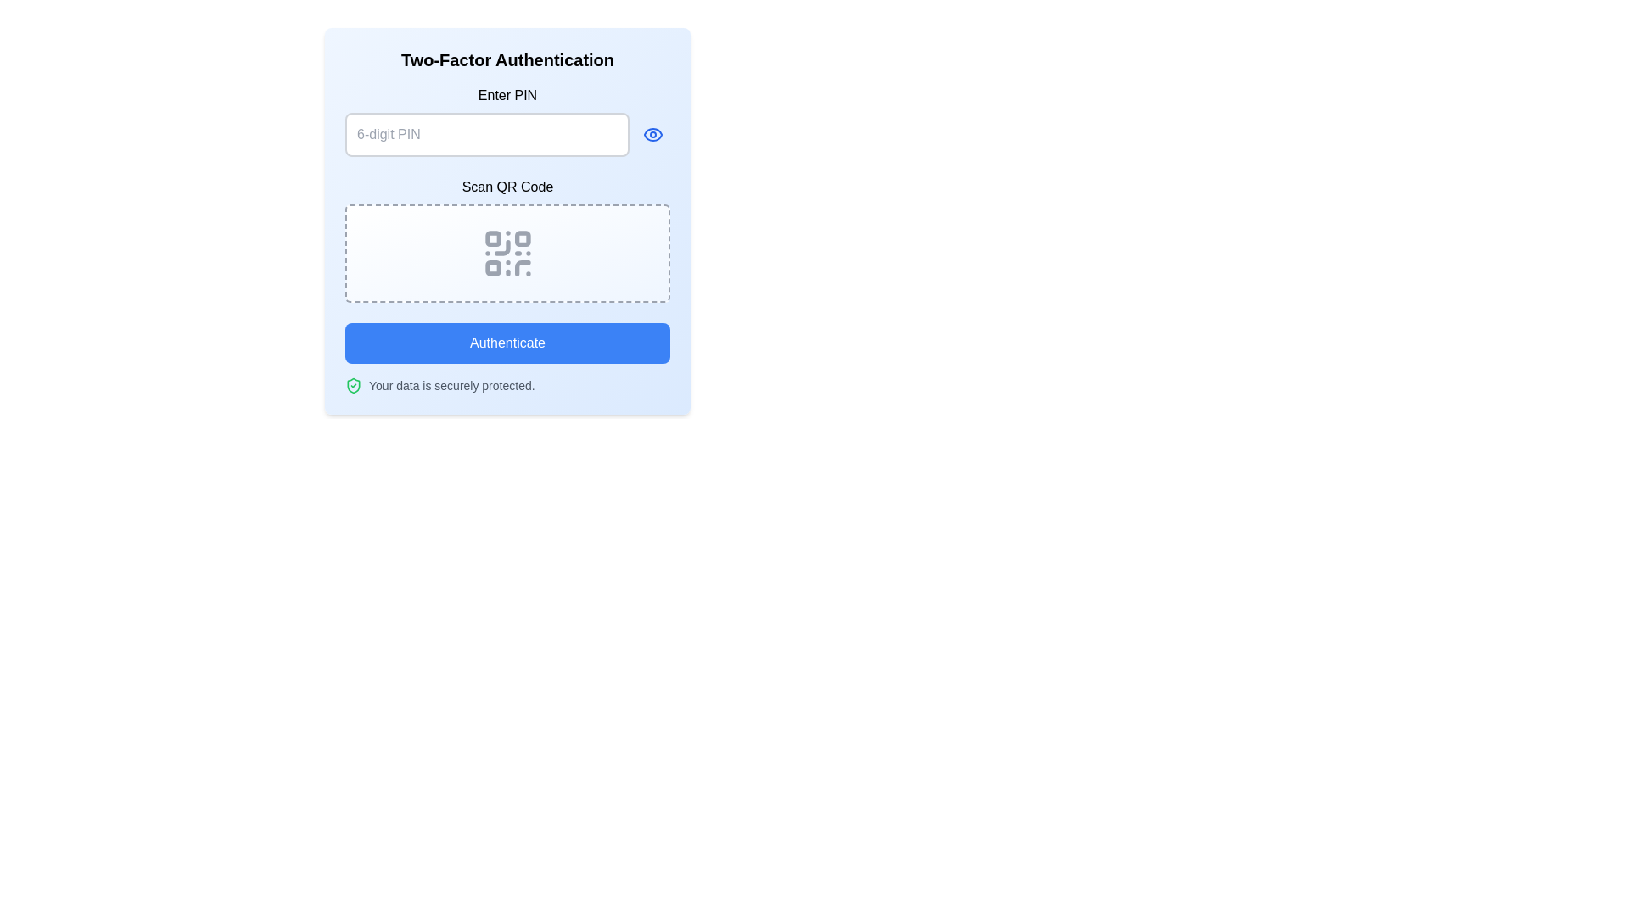 The height and width of the screenshot is (916, 1629). Describe the element at coordinates (652, 133) in the screenshot. I see `the eye icon button located at the end of the PIN input field` at that location.